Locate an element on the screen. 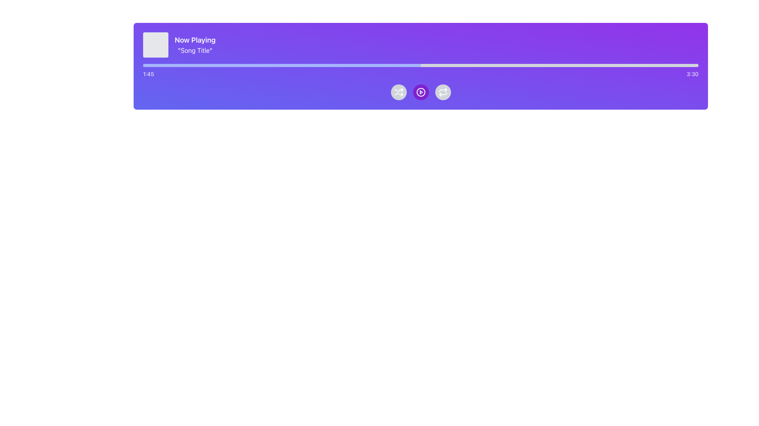 Image resolution: width=759 pixels, height=426 pixels. the Static Text displaying the title of the currently playing song, which is centrally aligned in the 'Now Playing' section is located at coordinates (195, 50).